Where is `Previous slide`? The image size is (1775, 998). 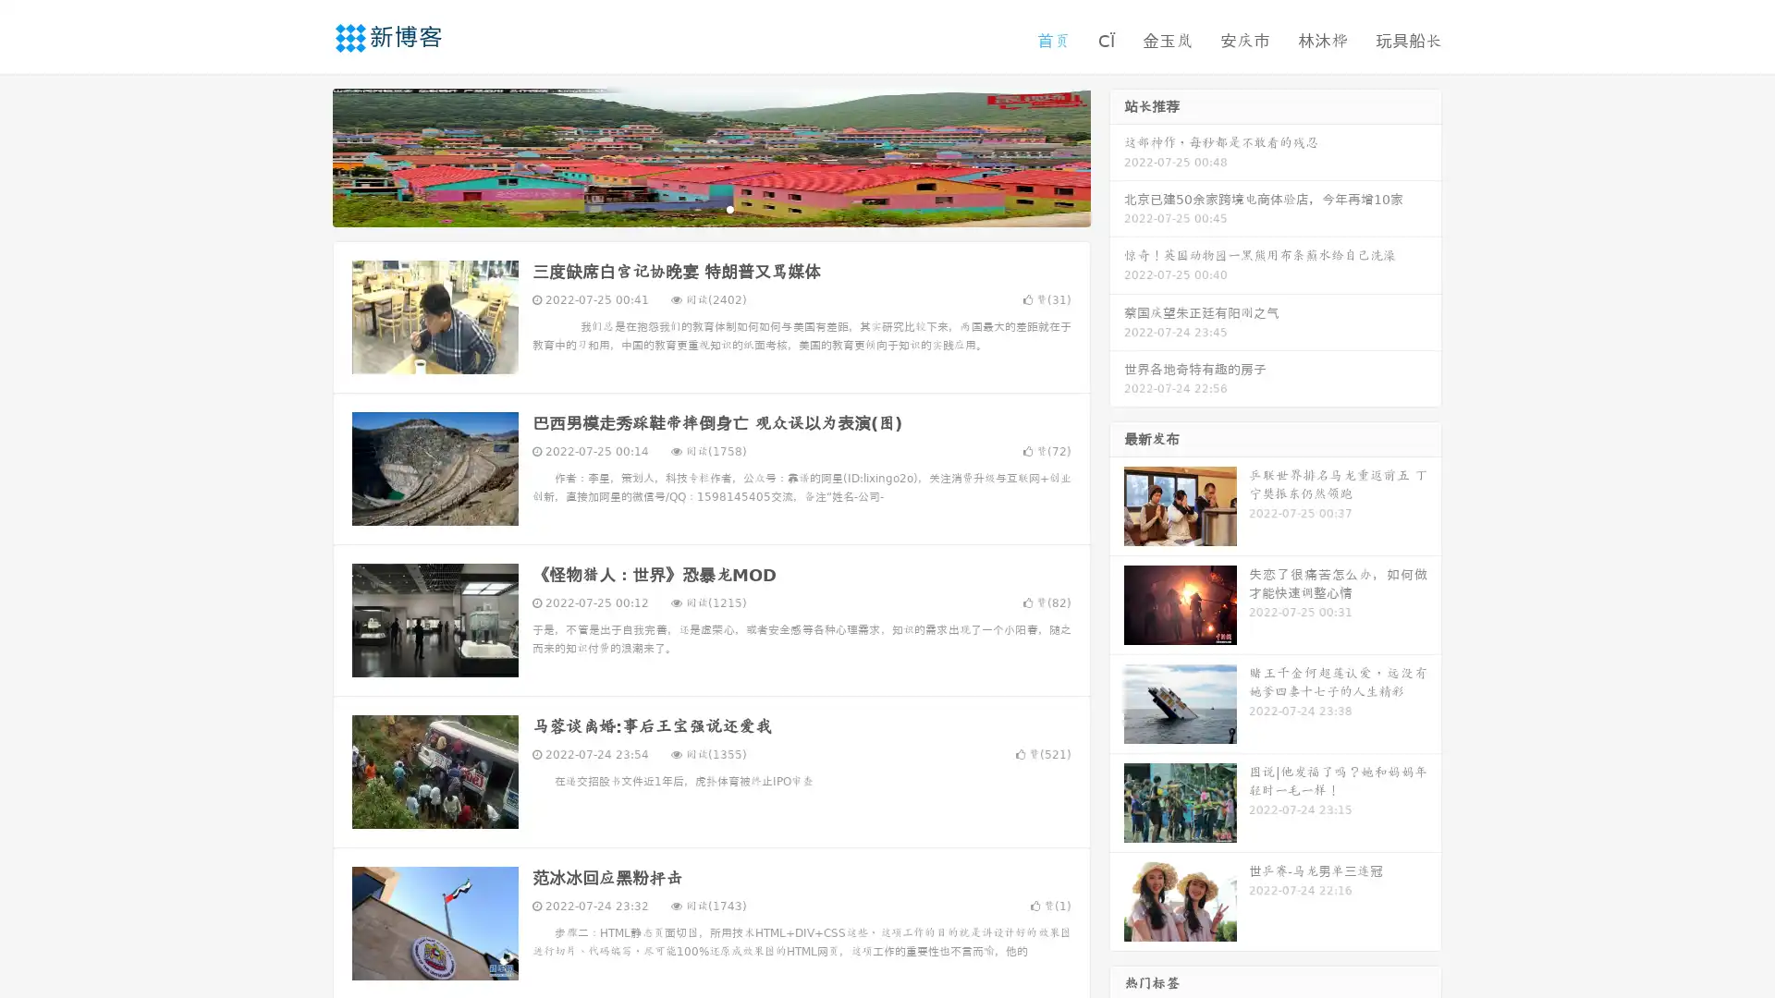
Previous slide is located at coordinates (305, 155).